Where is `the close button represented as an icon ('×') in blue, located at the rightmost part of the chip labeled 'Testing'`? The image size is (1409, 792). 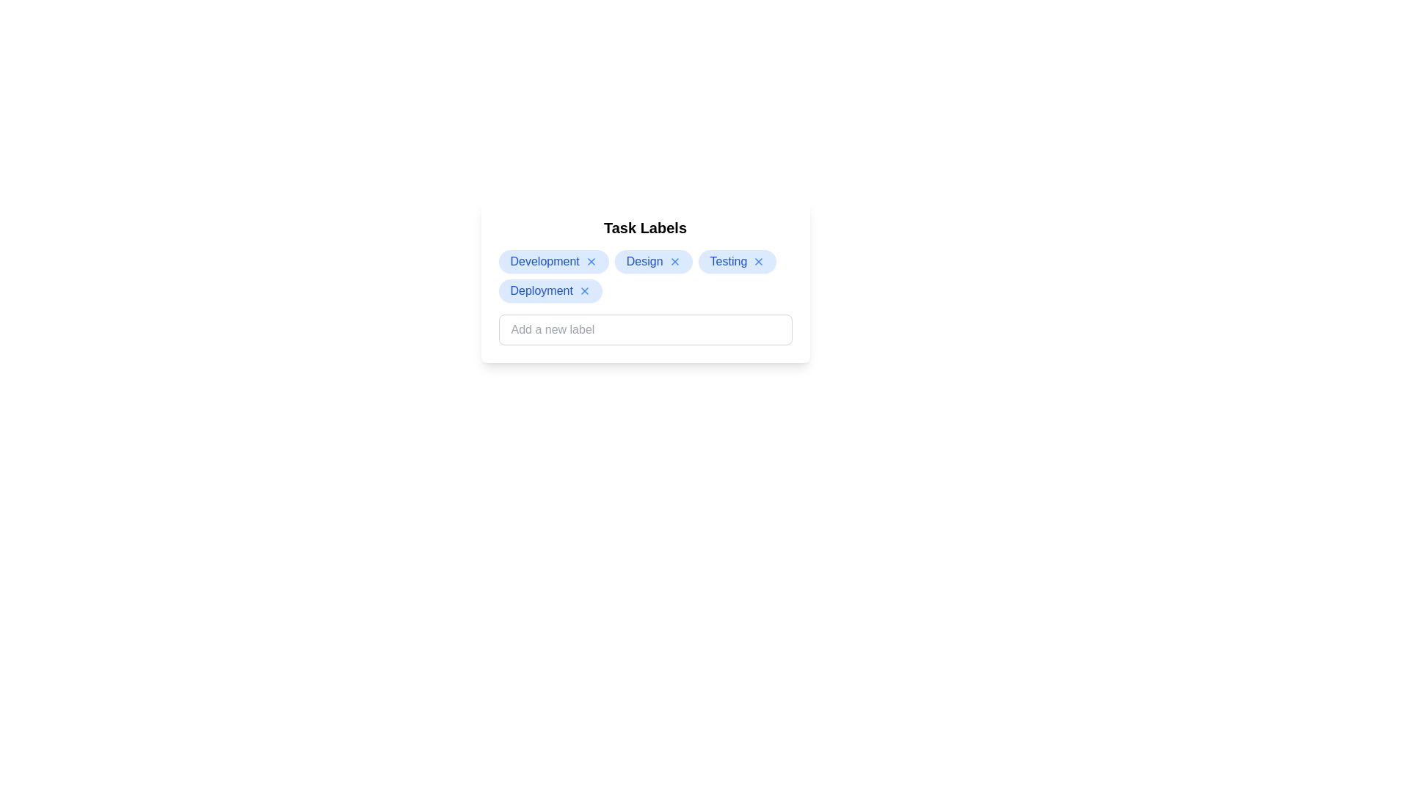
the close button represented as an icon ('×') in blue, located at the rightmost part of the chip labeled 'Testing' is located at coordinates (759, 261).